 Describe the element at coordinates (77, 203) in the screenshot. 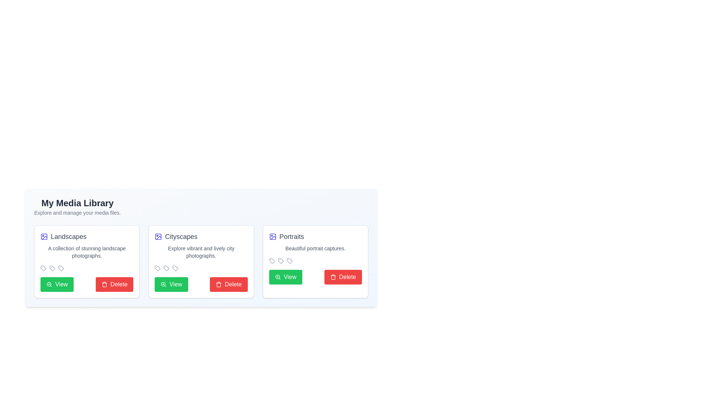

I see `title text 'My Media Library' displayed in bold and large font at the upper-left section of the interface` at that location.